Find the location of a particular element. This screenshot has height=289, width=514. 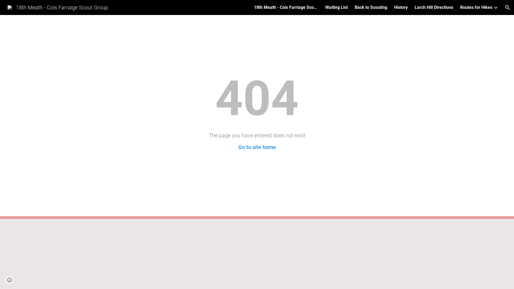

'History' is located at coordinates (401, 7).